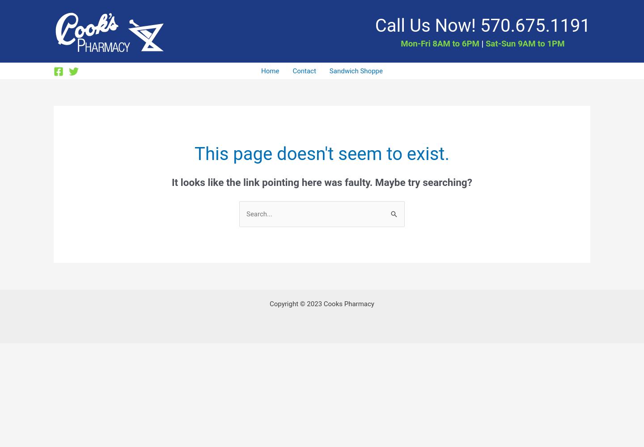 This screenshot has height=447, width=644. Describe the element at coordinates (374, 25) in the screenshot. I see `'Call Us Now!'` at that location.